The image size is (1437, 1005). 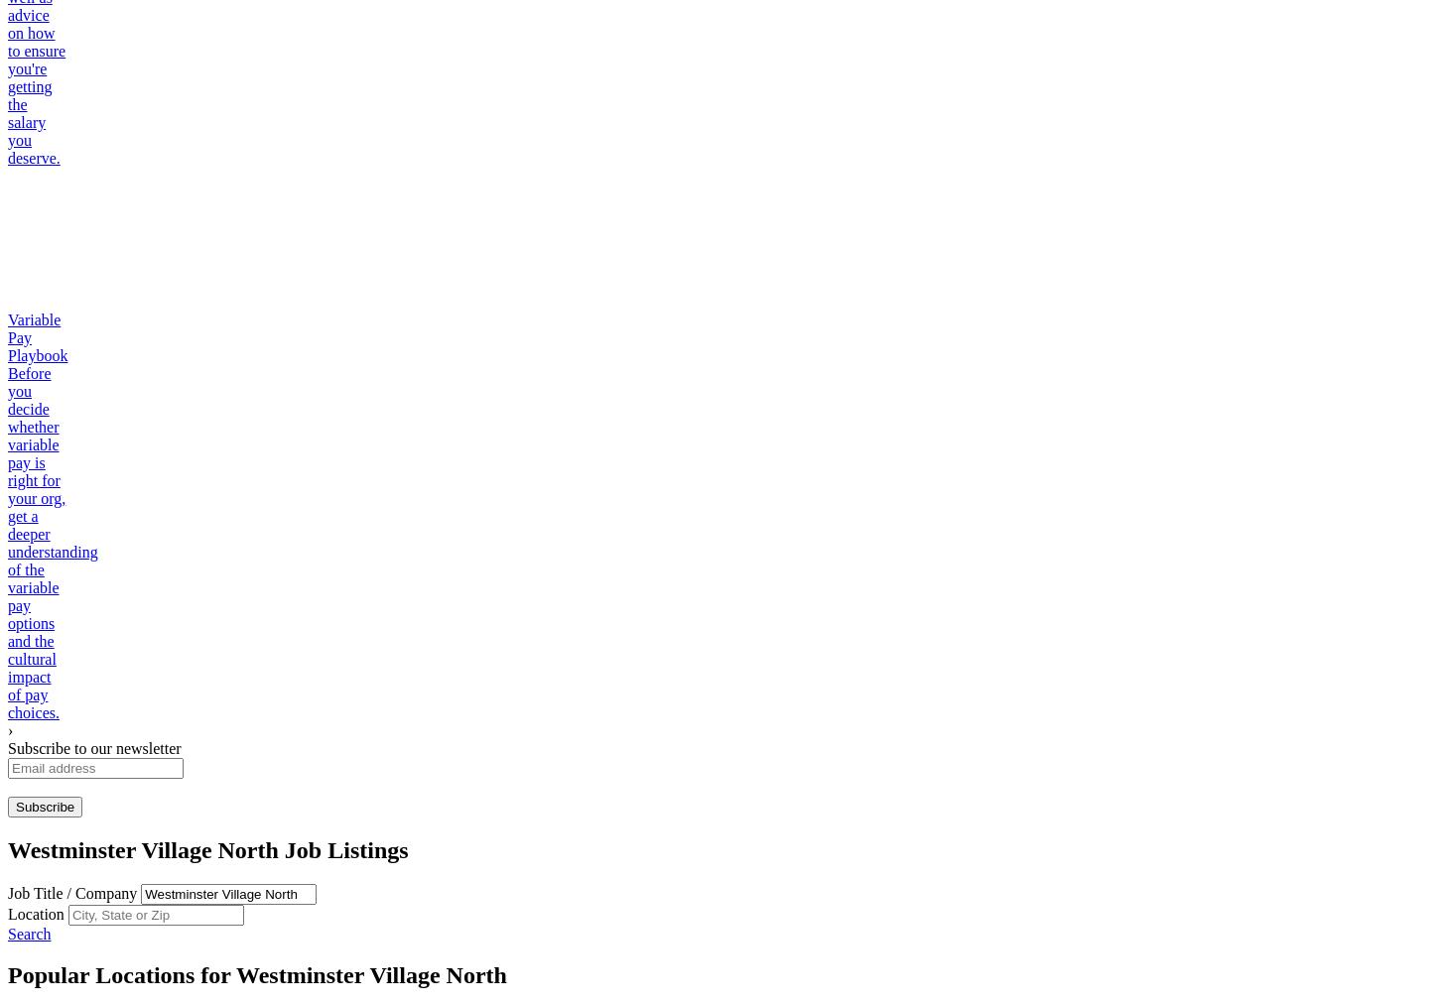 I want to click on 'Subscribe to our newsletter', so click(x=92, y=747).